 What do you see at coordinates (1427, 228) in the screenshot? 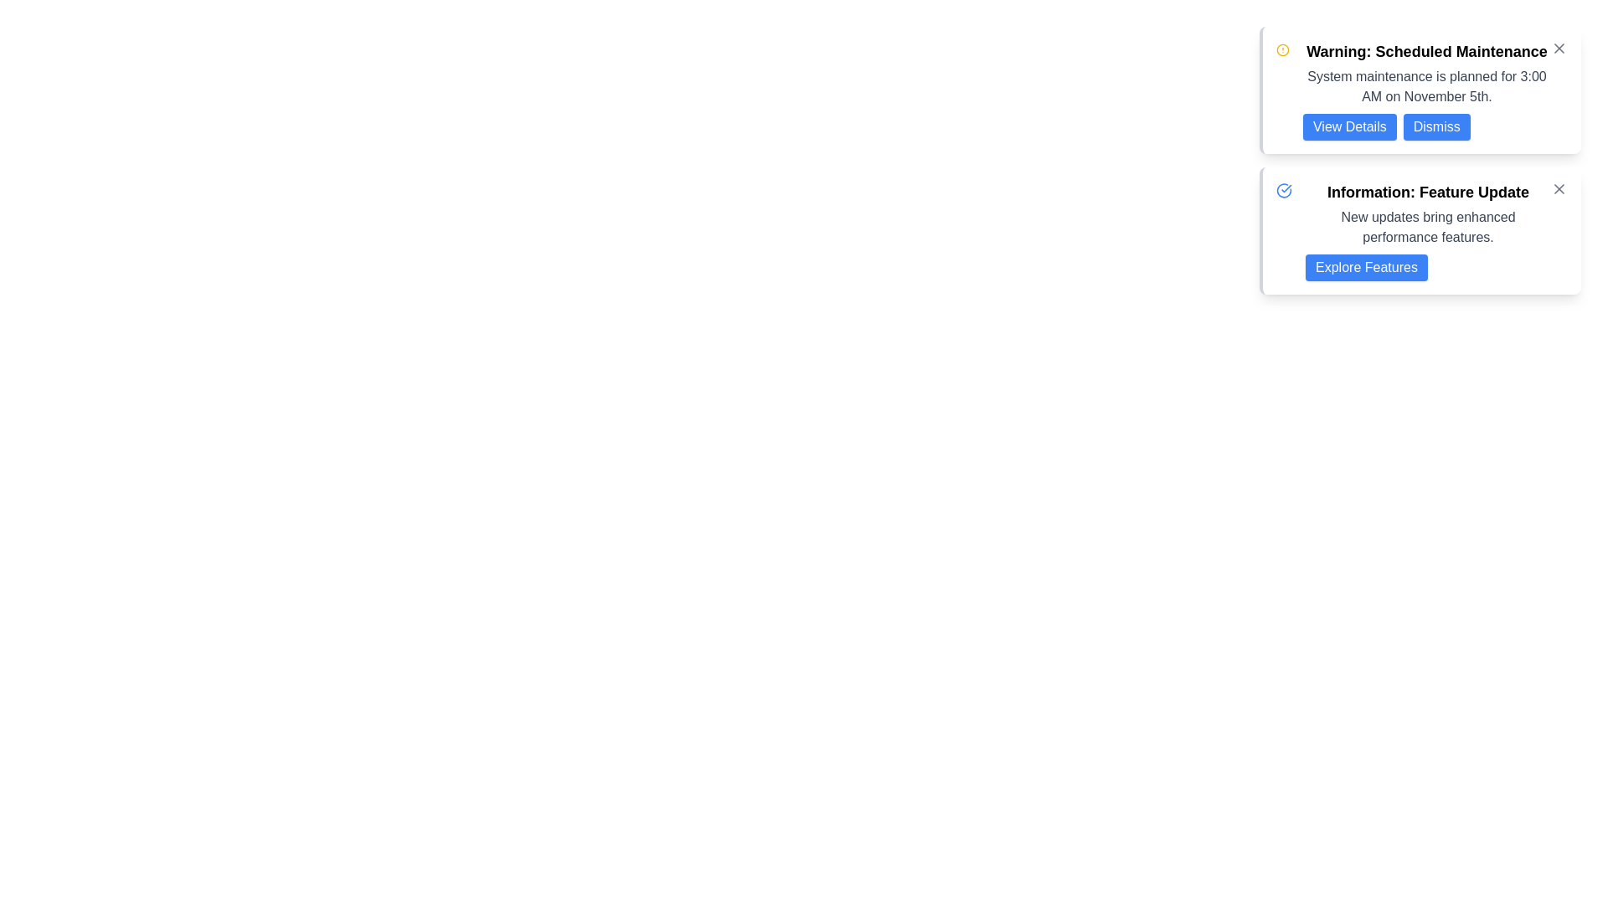
I see `text stating 'New updates bring enhanced performance features.' located in the second notification section titled 'Information: Feature Update.'` at bounding box center [1427, 228].